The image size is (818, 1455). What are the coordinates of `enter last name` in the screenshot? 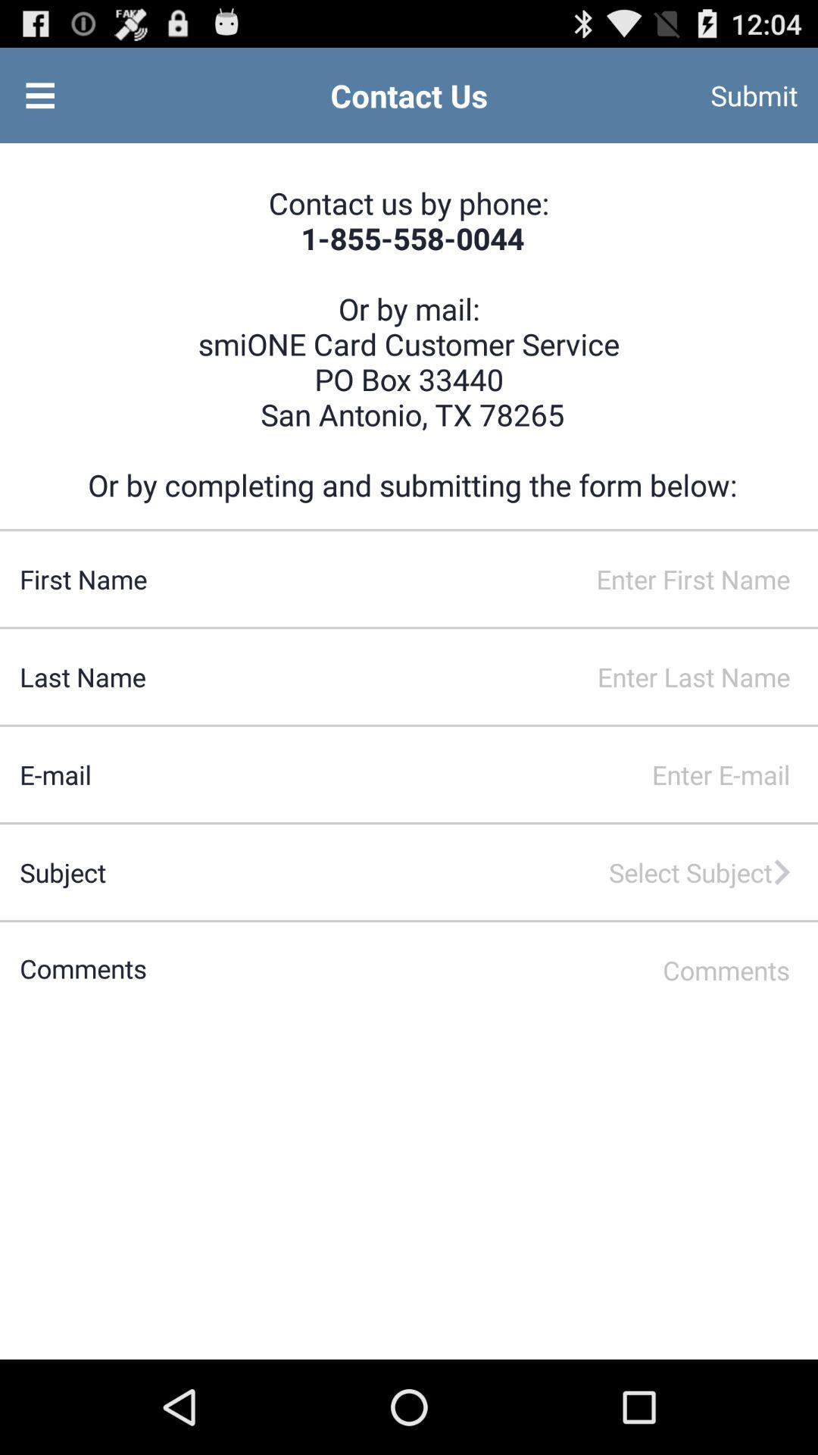 It's located at (482, 676).